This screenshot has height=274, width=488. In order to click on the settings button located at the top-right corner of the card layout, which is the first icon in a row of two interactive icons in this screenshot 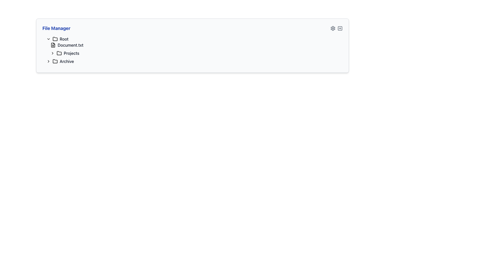, I will do `click(333, 28)`.